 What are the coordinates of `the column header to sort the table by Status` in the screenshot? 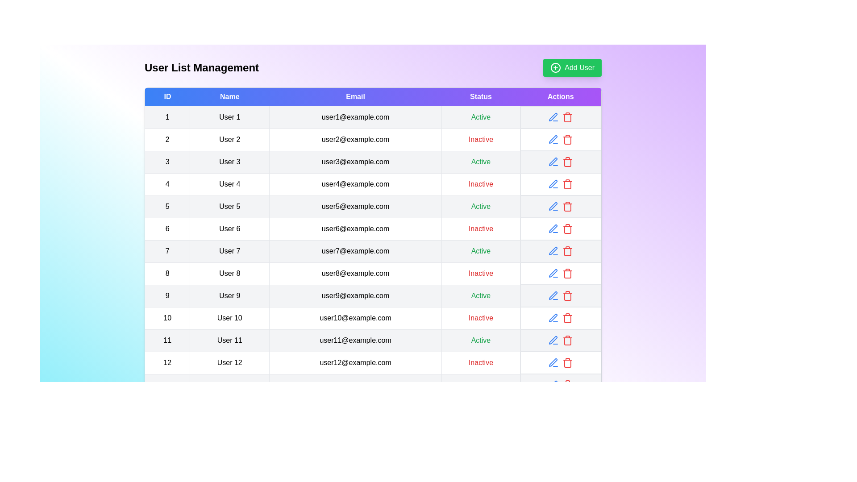 It's located at (480, 96).